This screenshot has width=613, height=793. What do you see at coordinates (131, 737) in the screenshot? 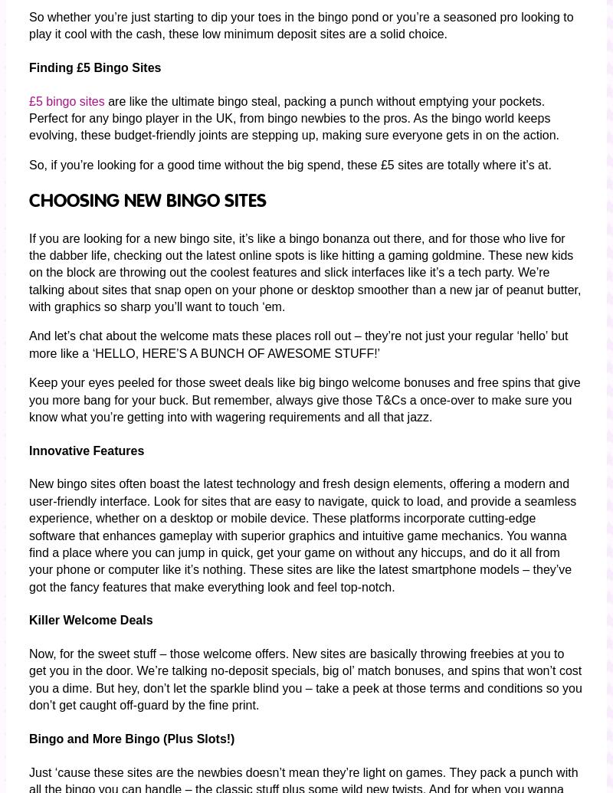
I see `'Bingo and More Bingo (Plus Slots!)'` at bounding box center [131, 737].